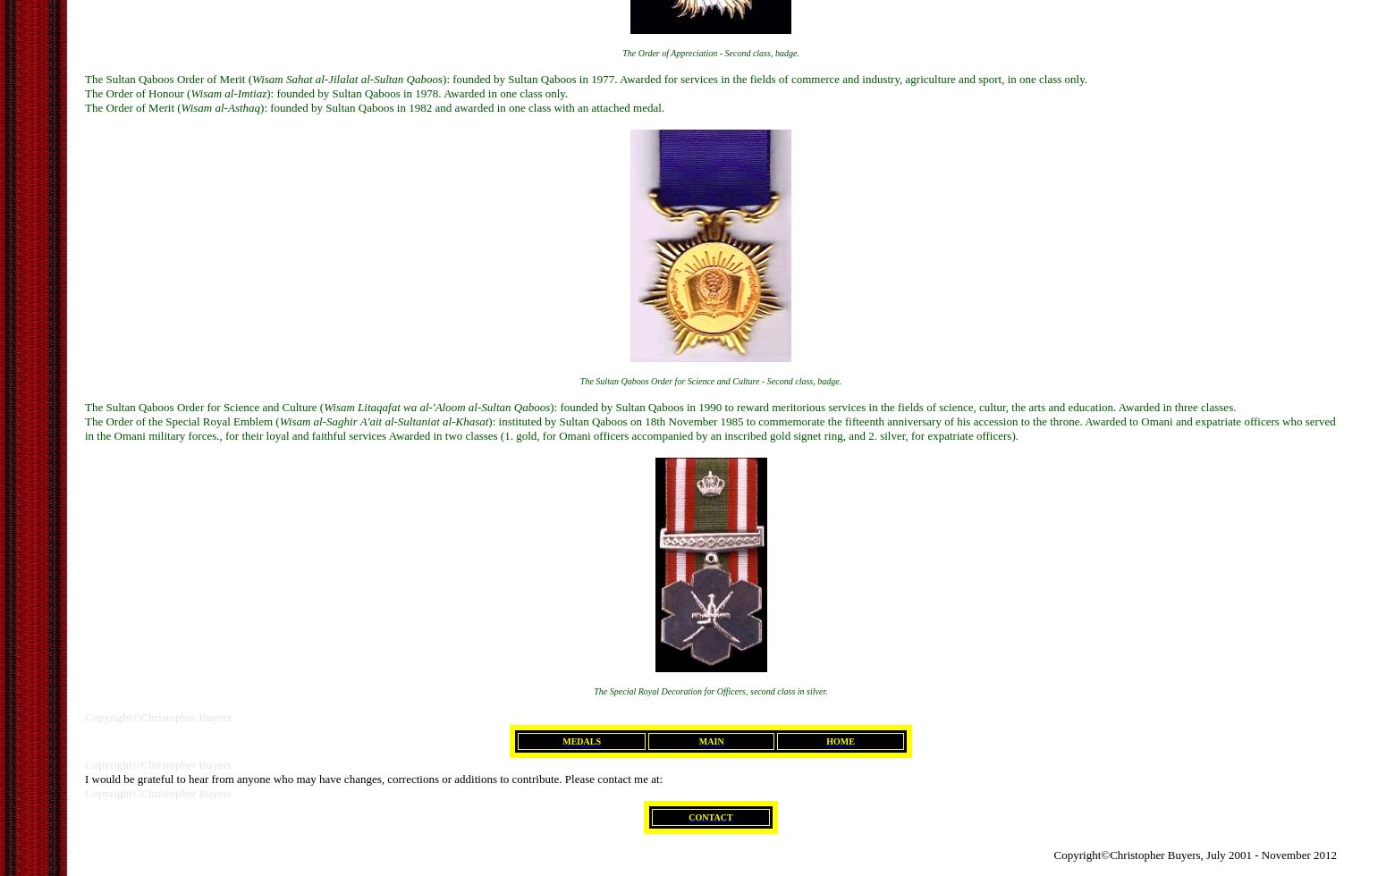 This screenshot has height=876, width=1386. I want to click on 'The Order of Merit (', so click(132, 106).